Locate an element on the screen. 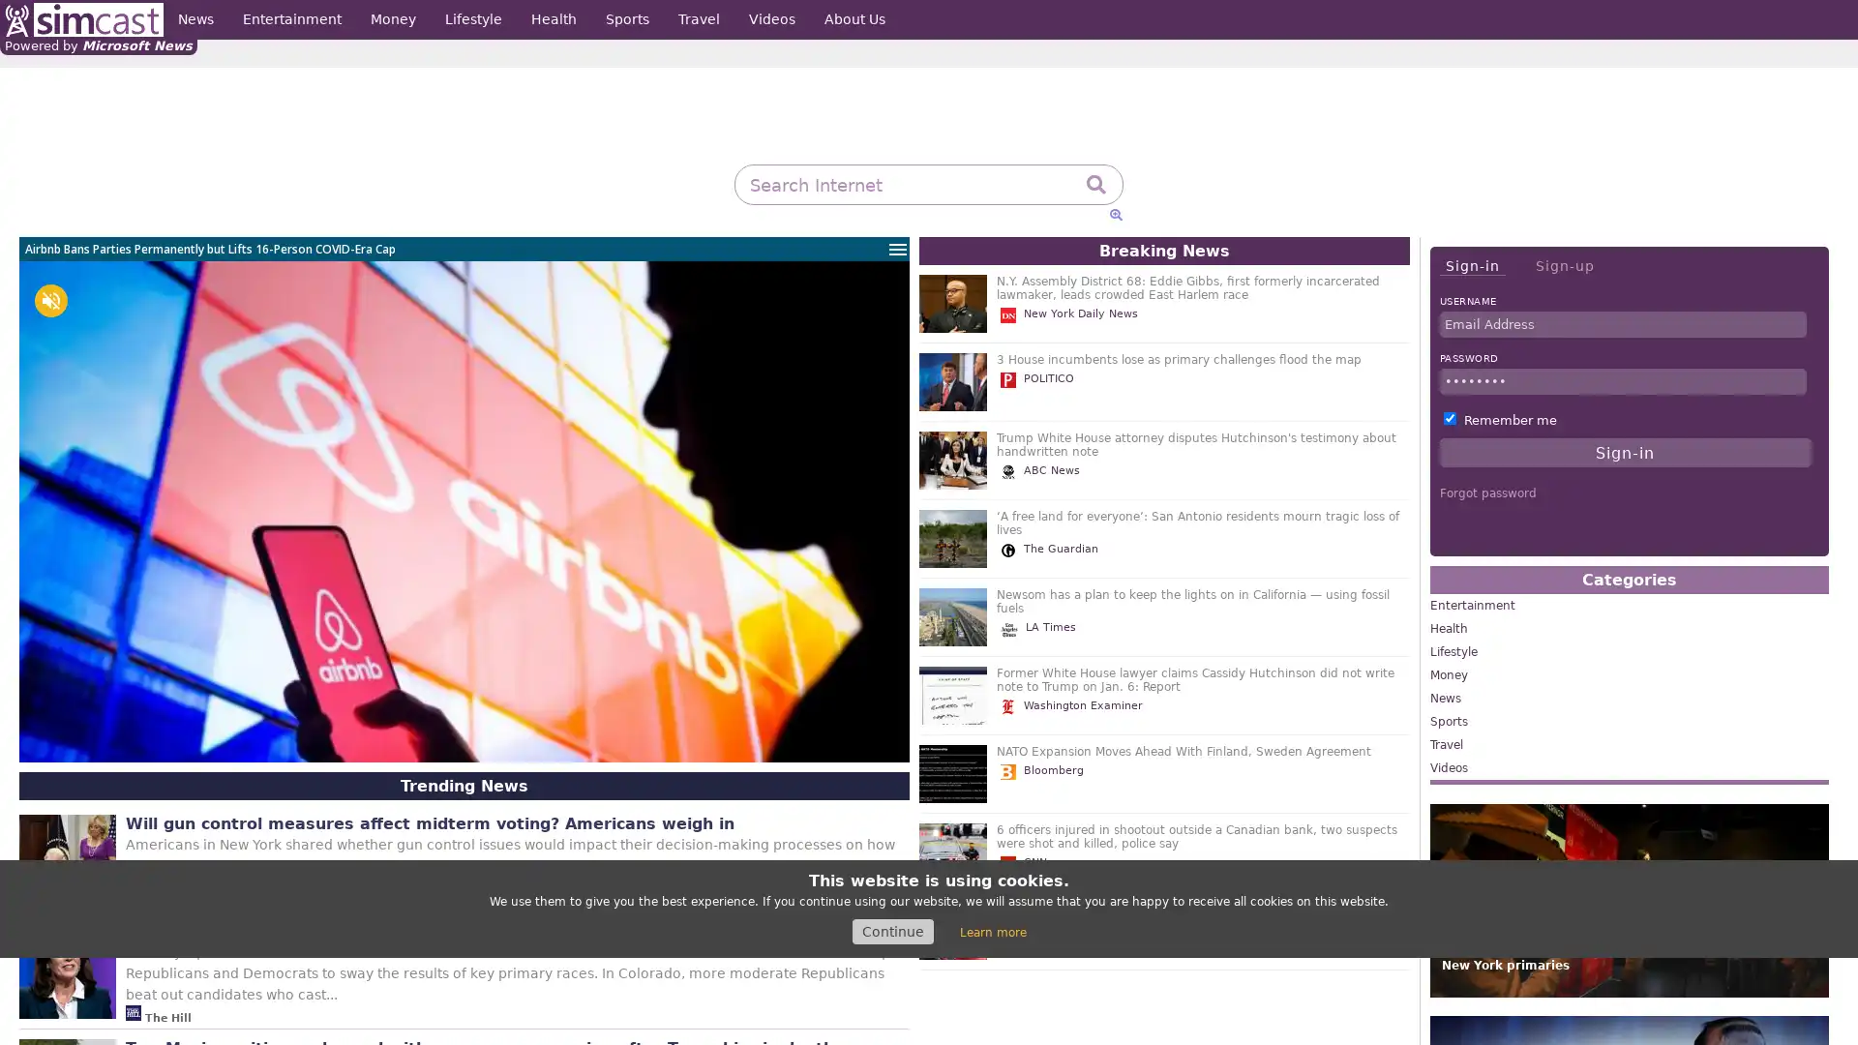  Sign-in is located at coordinates (1471, 266).